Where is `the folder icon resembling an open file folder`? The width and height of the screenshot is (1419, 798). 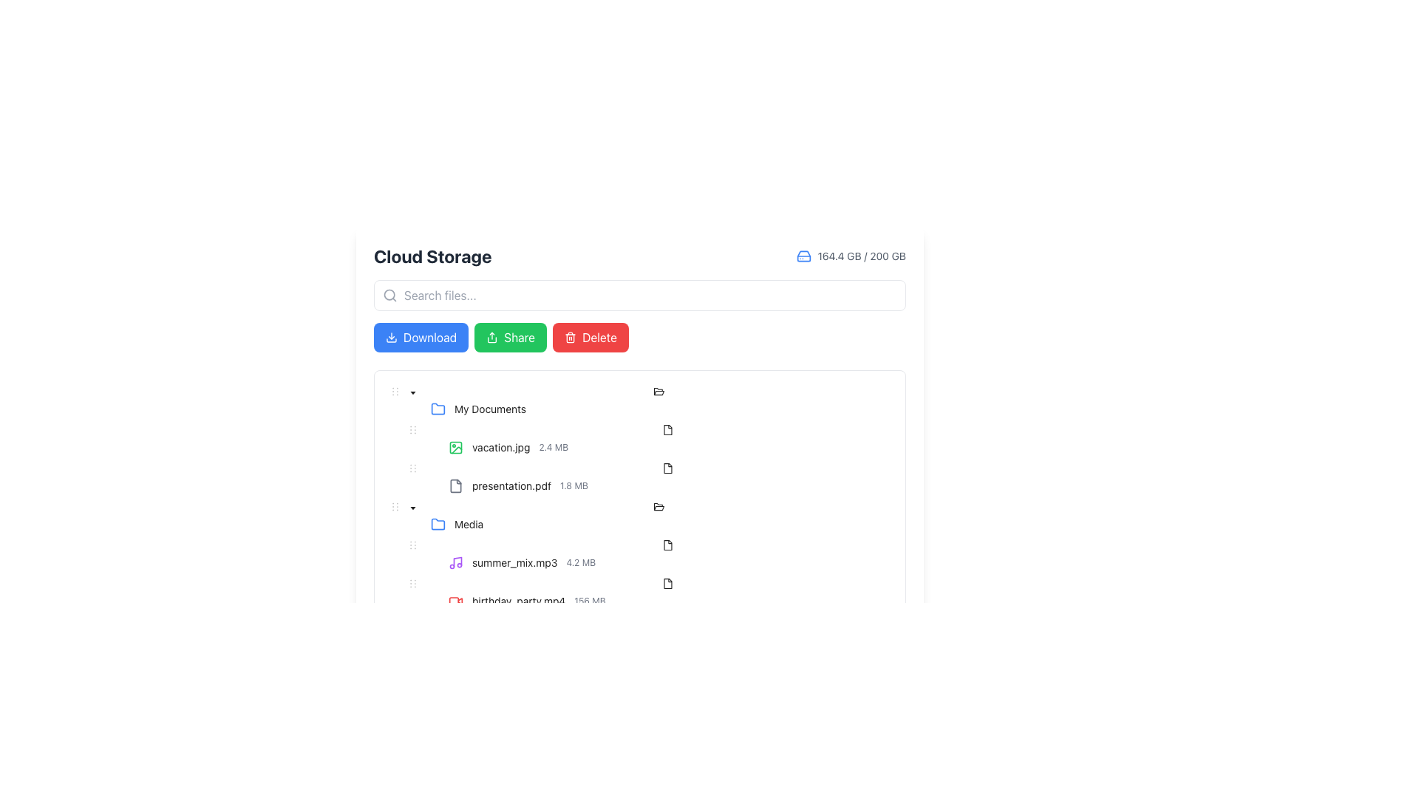 the folder icon resembling an open file folder is located at coordinates (659, 505).